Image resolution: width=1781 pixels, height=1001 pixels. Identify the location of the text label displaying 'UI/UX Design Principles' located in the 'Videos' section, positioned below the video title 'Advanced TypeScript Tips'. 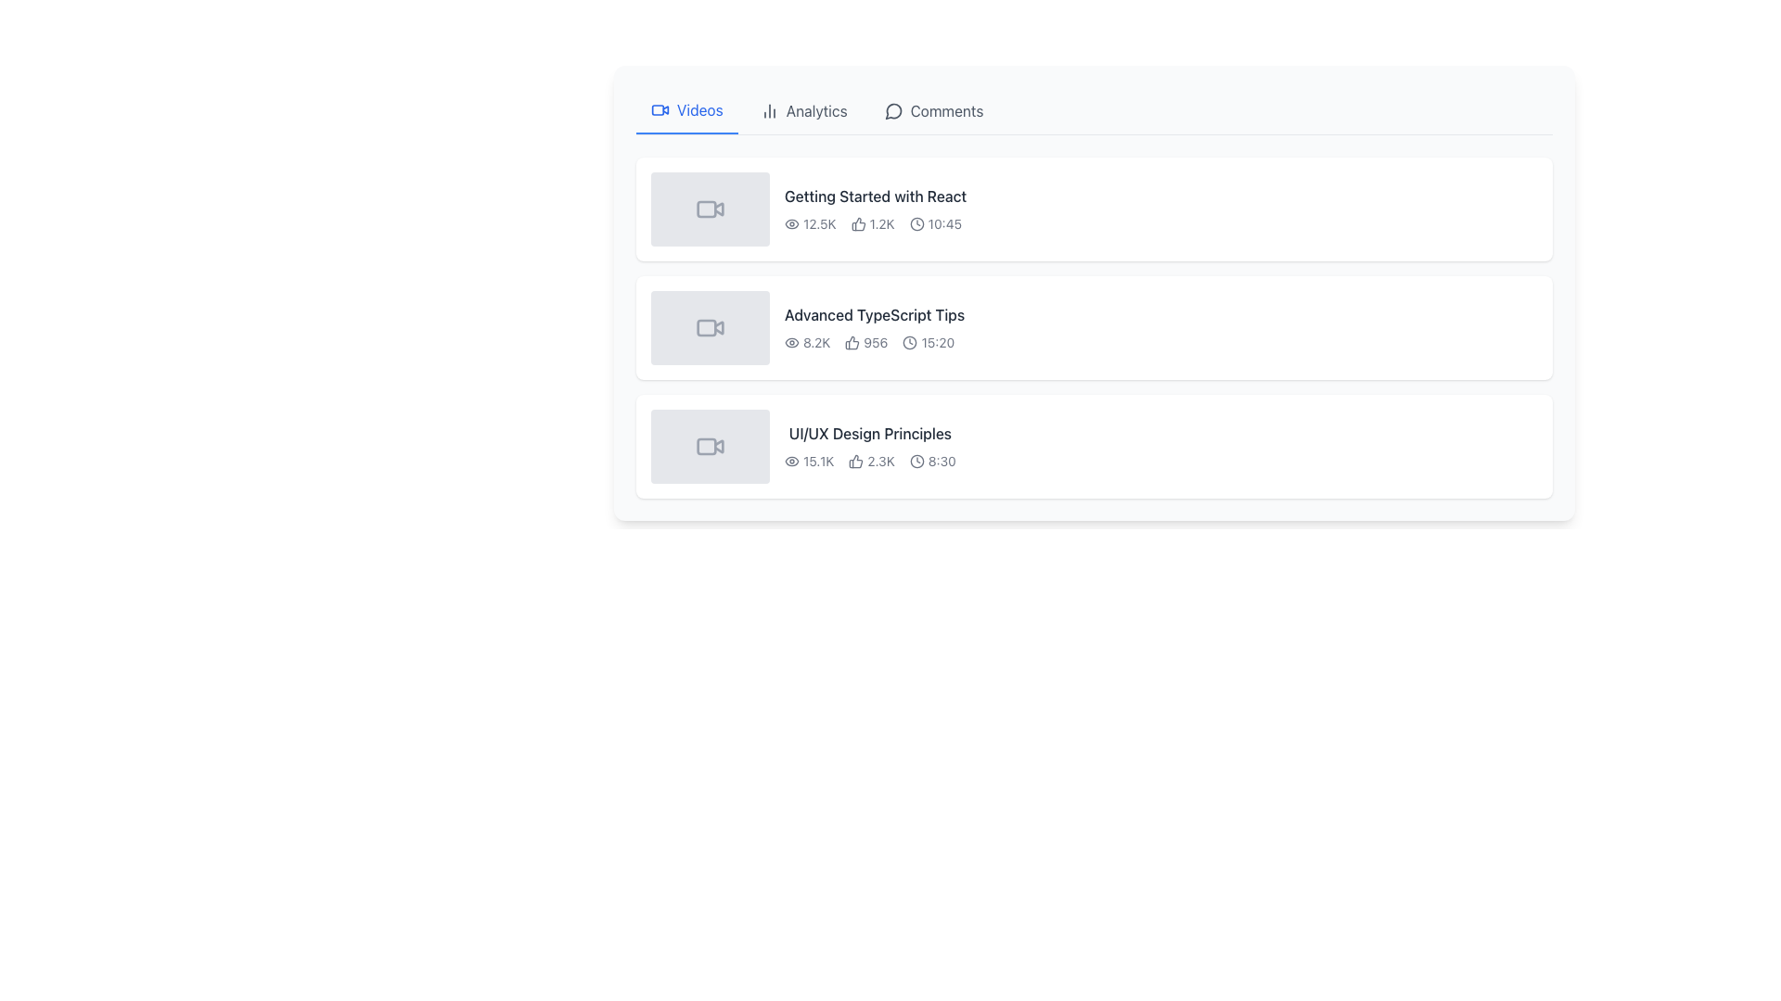
(869, 433).